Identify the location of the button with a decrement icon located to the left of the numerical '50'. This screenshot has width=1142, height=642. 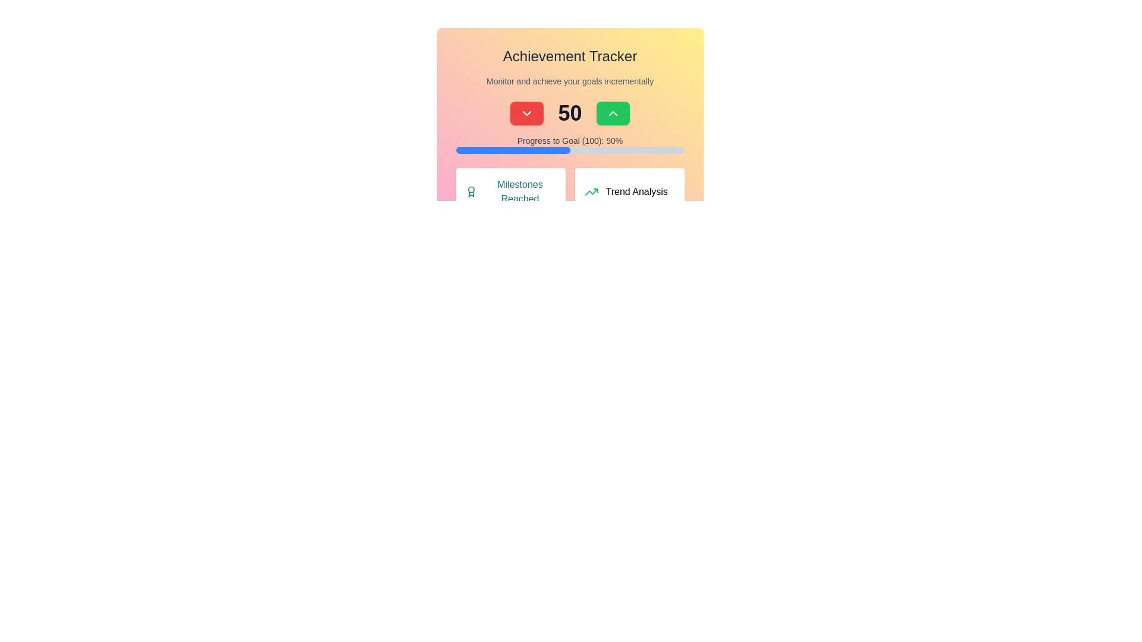
(526, 114).